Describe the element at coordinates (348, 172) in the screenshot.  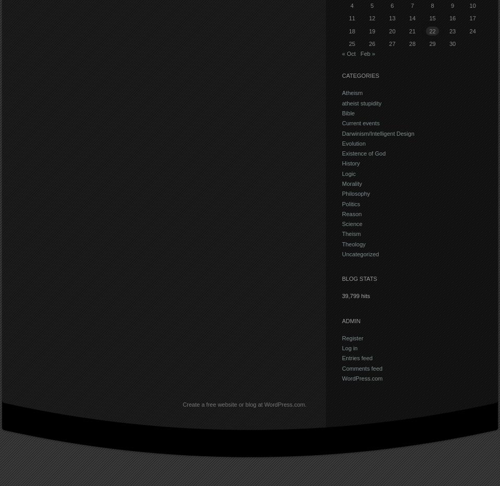
I see `'Logic'` at that location.